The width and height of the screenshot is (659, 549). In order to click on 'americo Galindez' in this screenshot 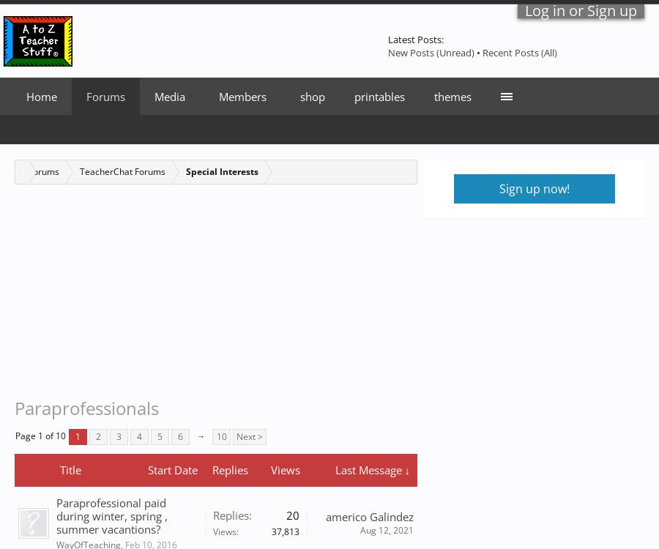, I will do `click(325, 515)`.